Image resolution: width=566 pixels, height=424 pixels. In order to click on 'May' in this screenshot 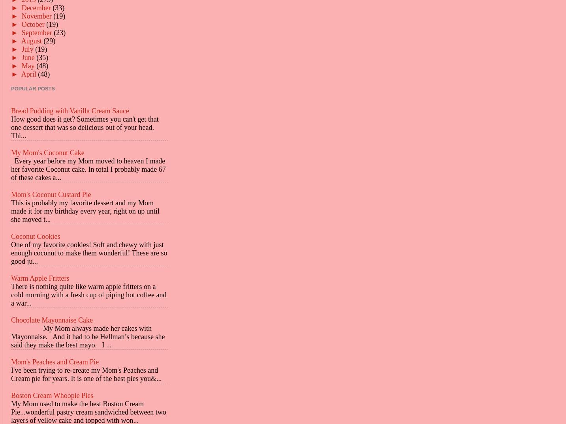, I will do `click(28, 66)`.